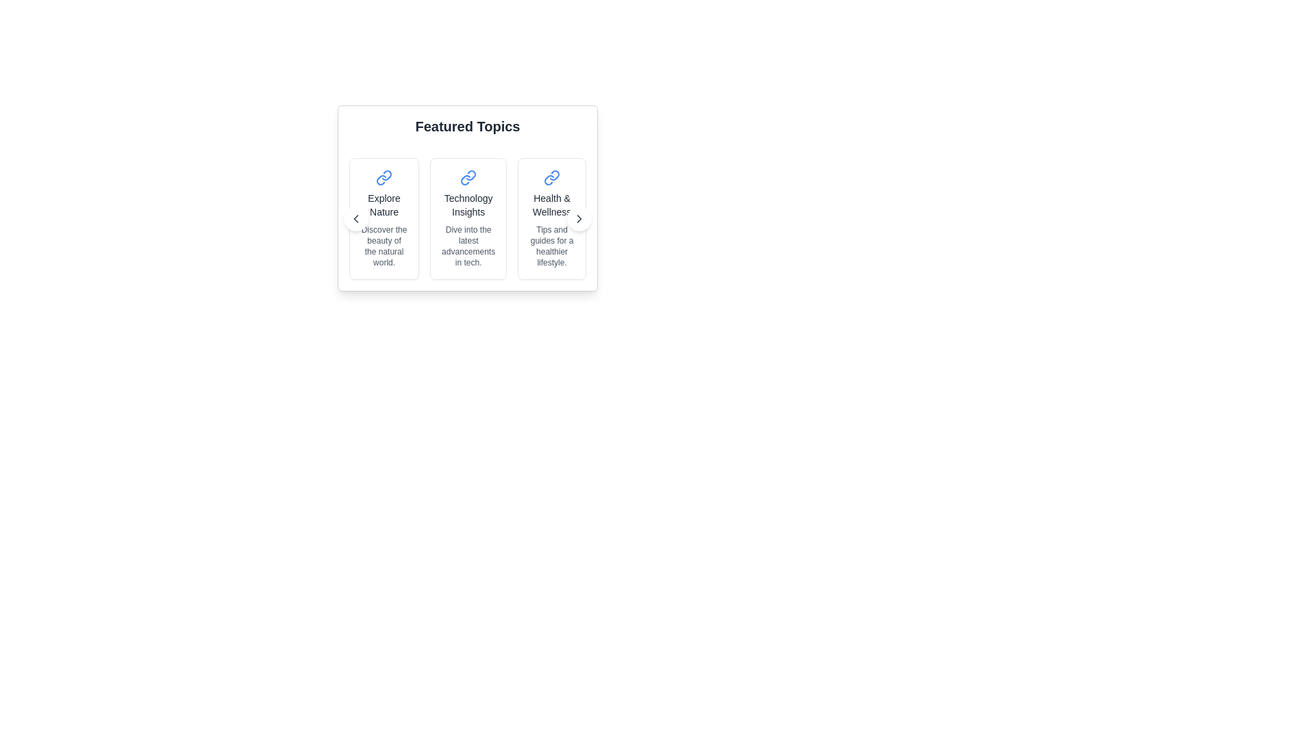  What do you see at coordinates (468, 205) in the screenshot?
I see `text content of the title label in the second card of the technology collection, which is centrally aligned between the top icon and the bottom subtitle text` at bounding box center [468, 205].